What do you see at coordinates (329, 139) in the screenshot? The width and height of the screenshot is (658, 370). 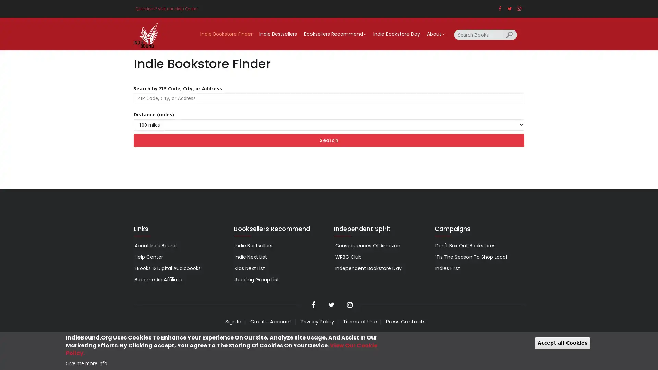 I see `Search` at bounding box center [329, 139].